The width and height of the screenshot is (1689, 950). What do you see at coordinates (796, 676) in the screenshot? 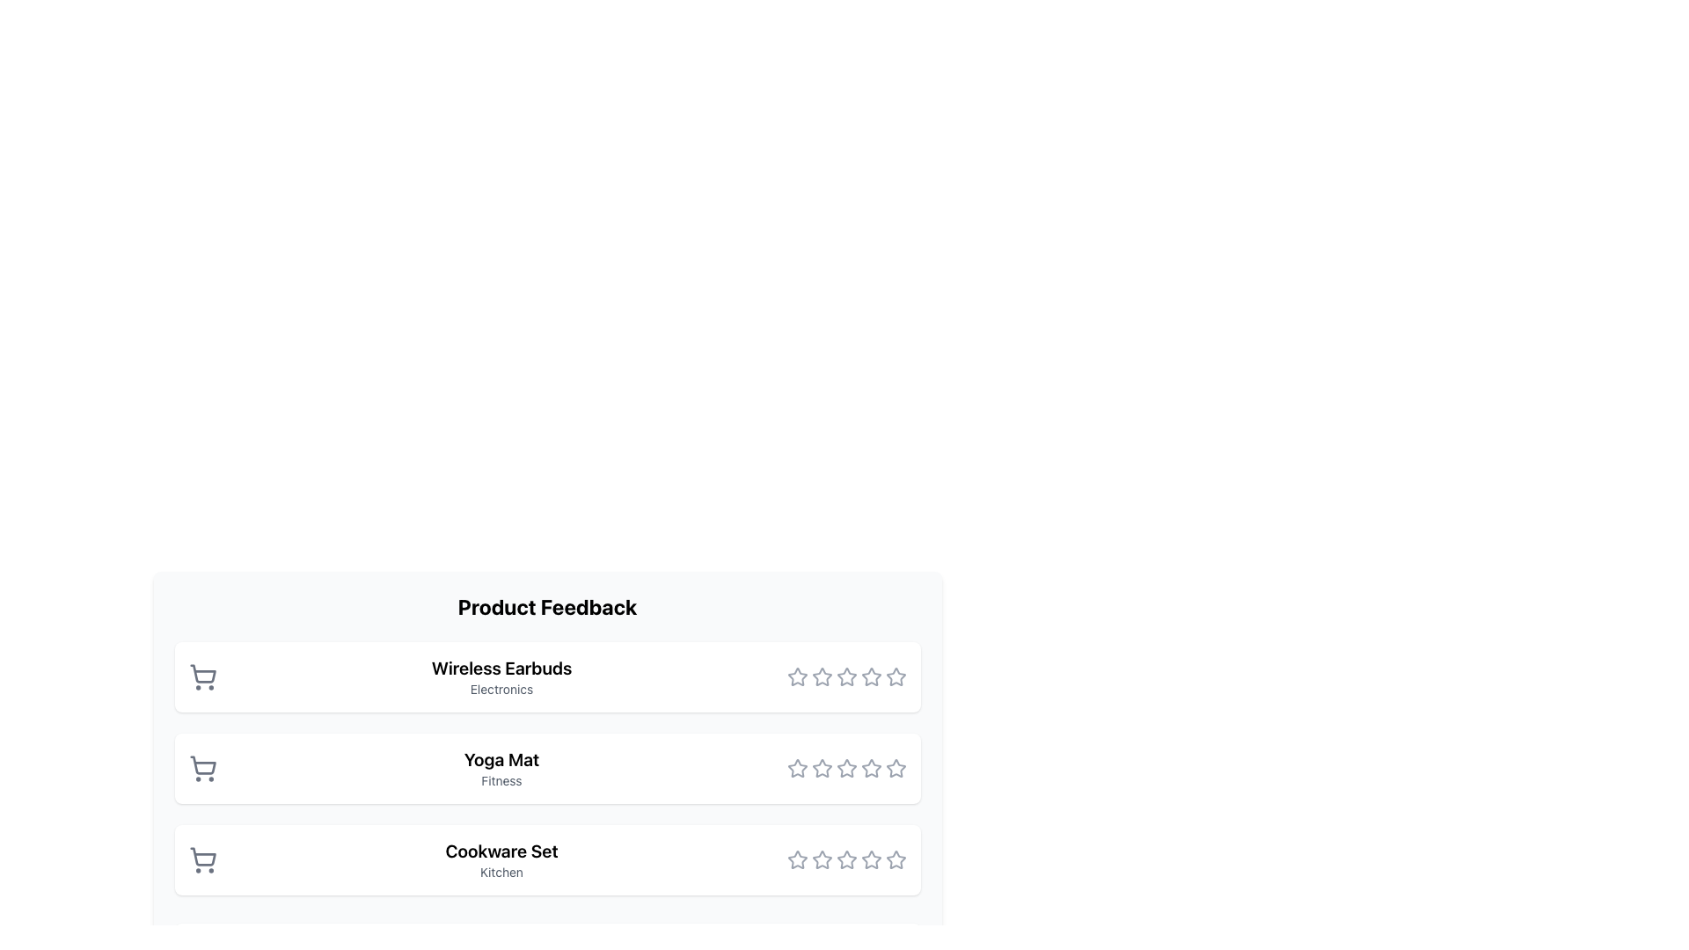
I see `the first star icon in the rating system for the 'Wireless Earbuds' product` at bounding box center [796, 676].